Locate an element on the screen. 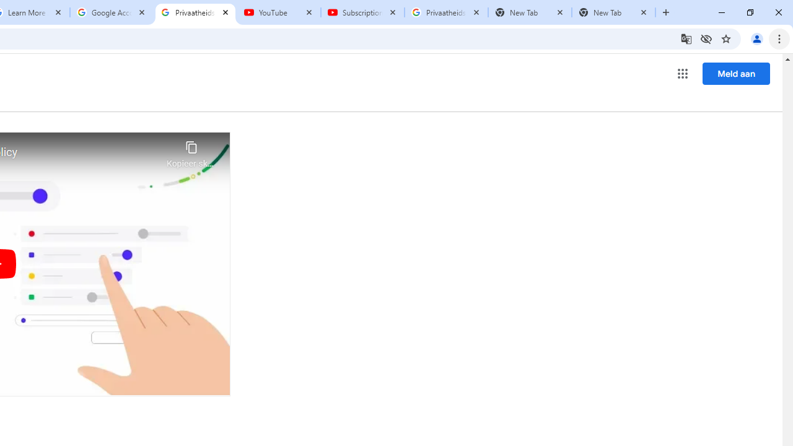  'YouTube' is located at coordinates (278, 12).